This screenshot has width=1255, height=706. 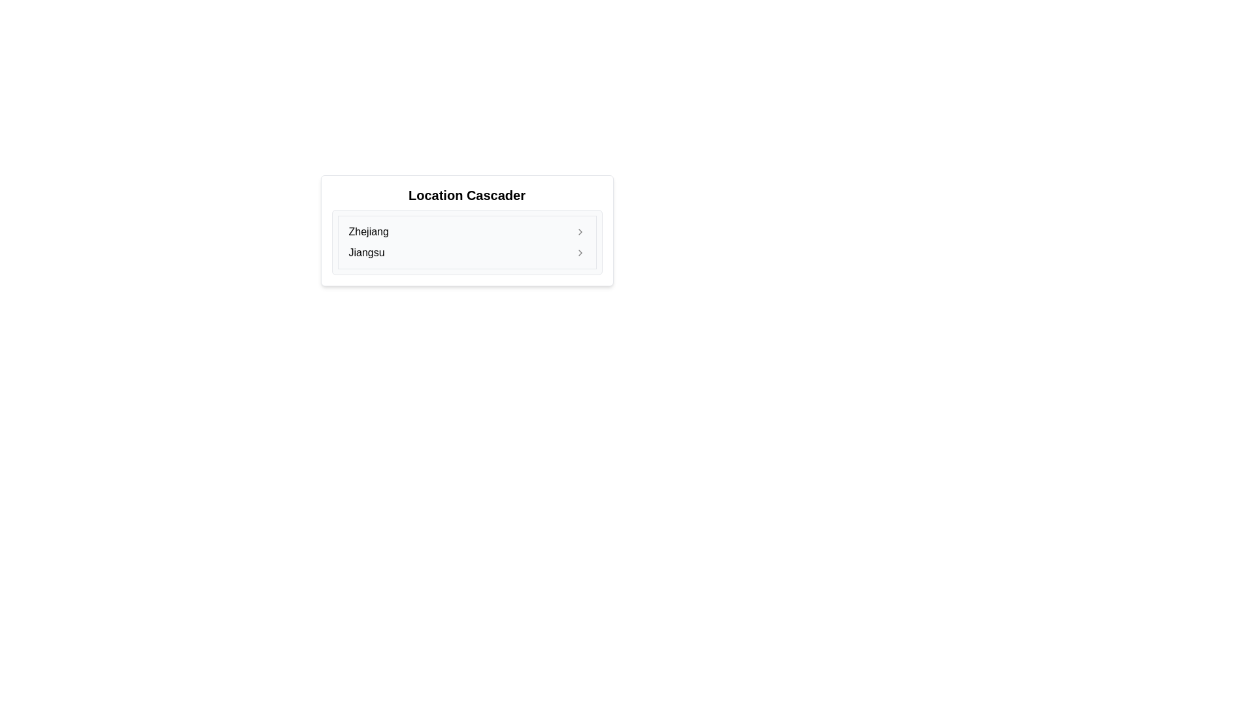 I want to click on the navigation icon located to the far right of the row containing the text 'Jiangsu', so click(x=579, y=252).